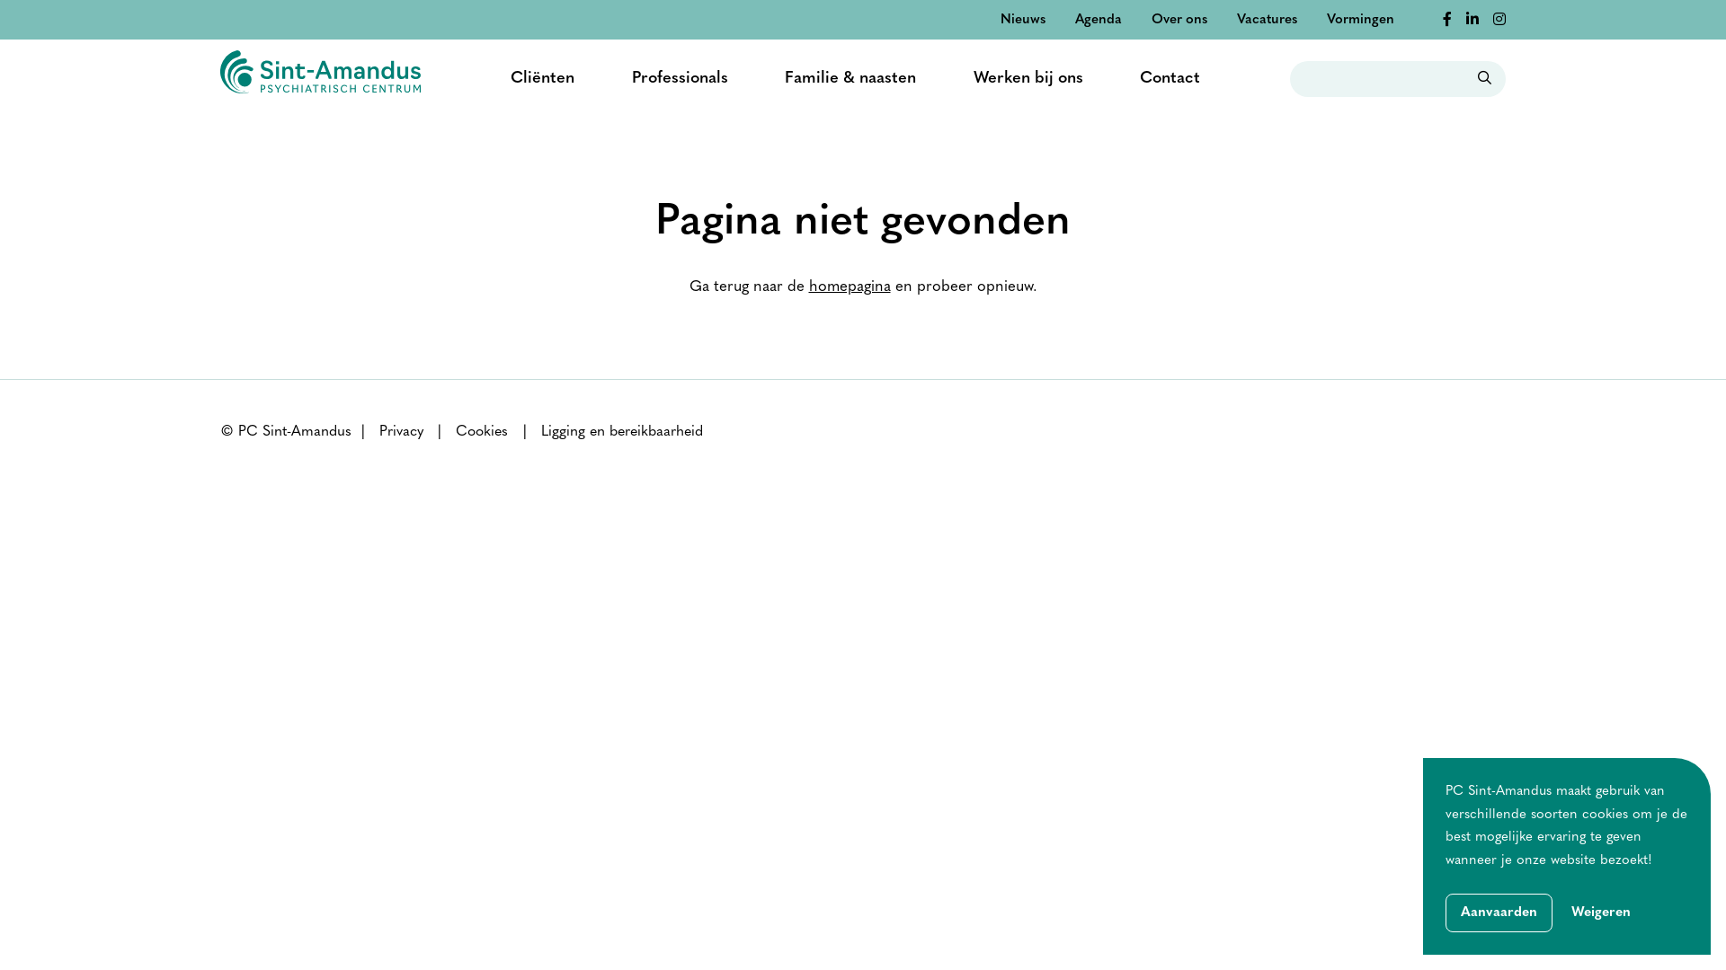  What do you see at coordinates (1000, 20) in the screenshot?
I see `'Nieuws'` at bounding box center [1000, 20].